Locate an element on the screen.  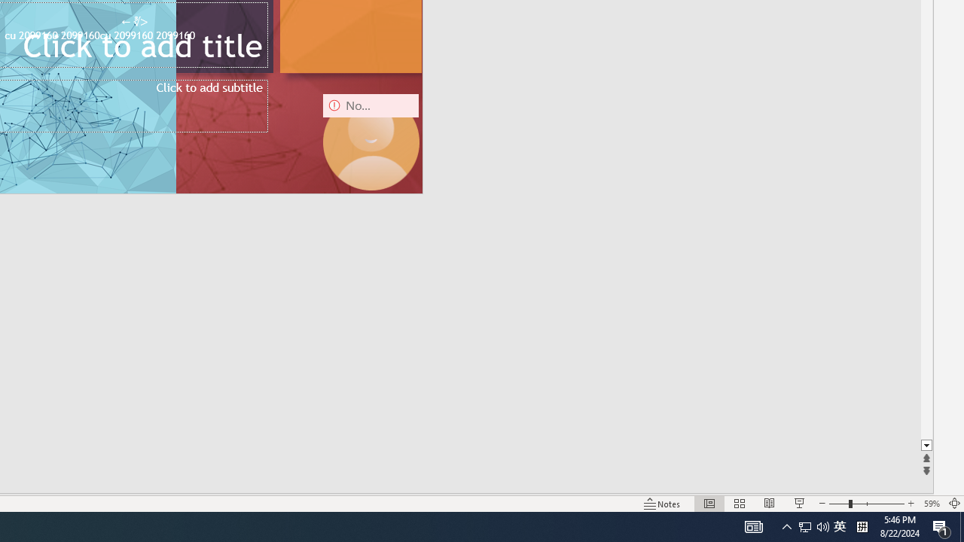
'Zoom 59%' is located at coordinates (931, 504).